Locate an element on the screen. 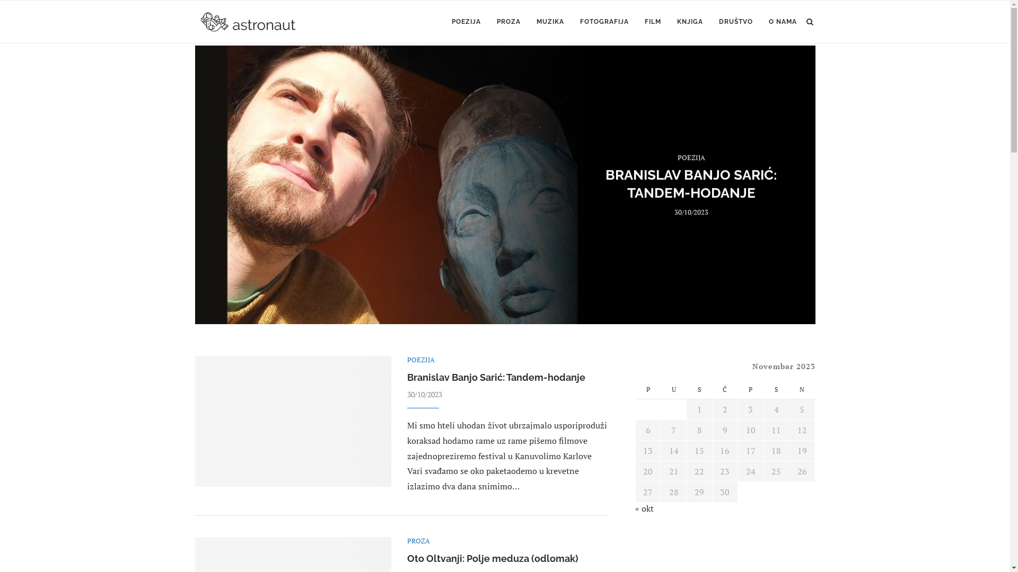  'O NAMA' is located at coordinates (783, 22).